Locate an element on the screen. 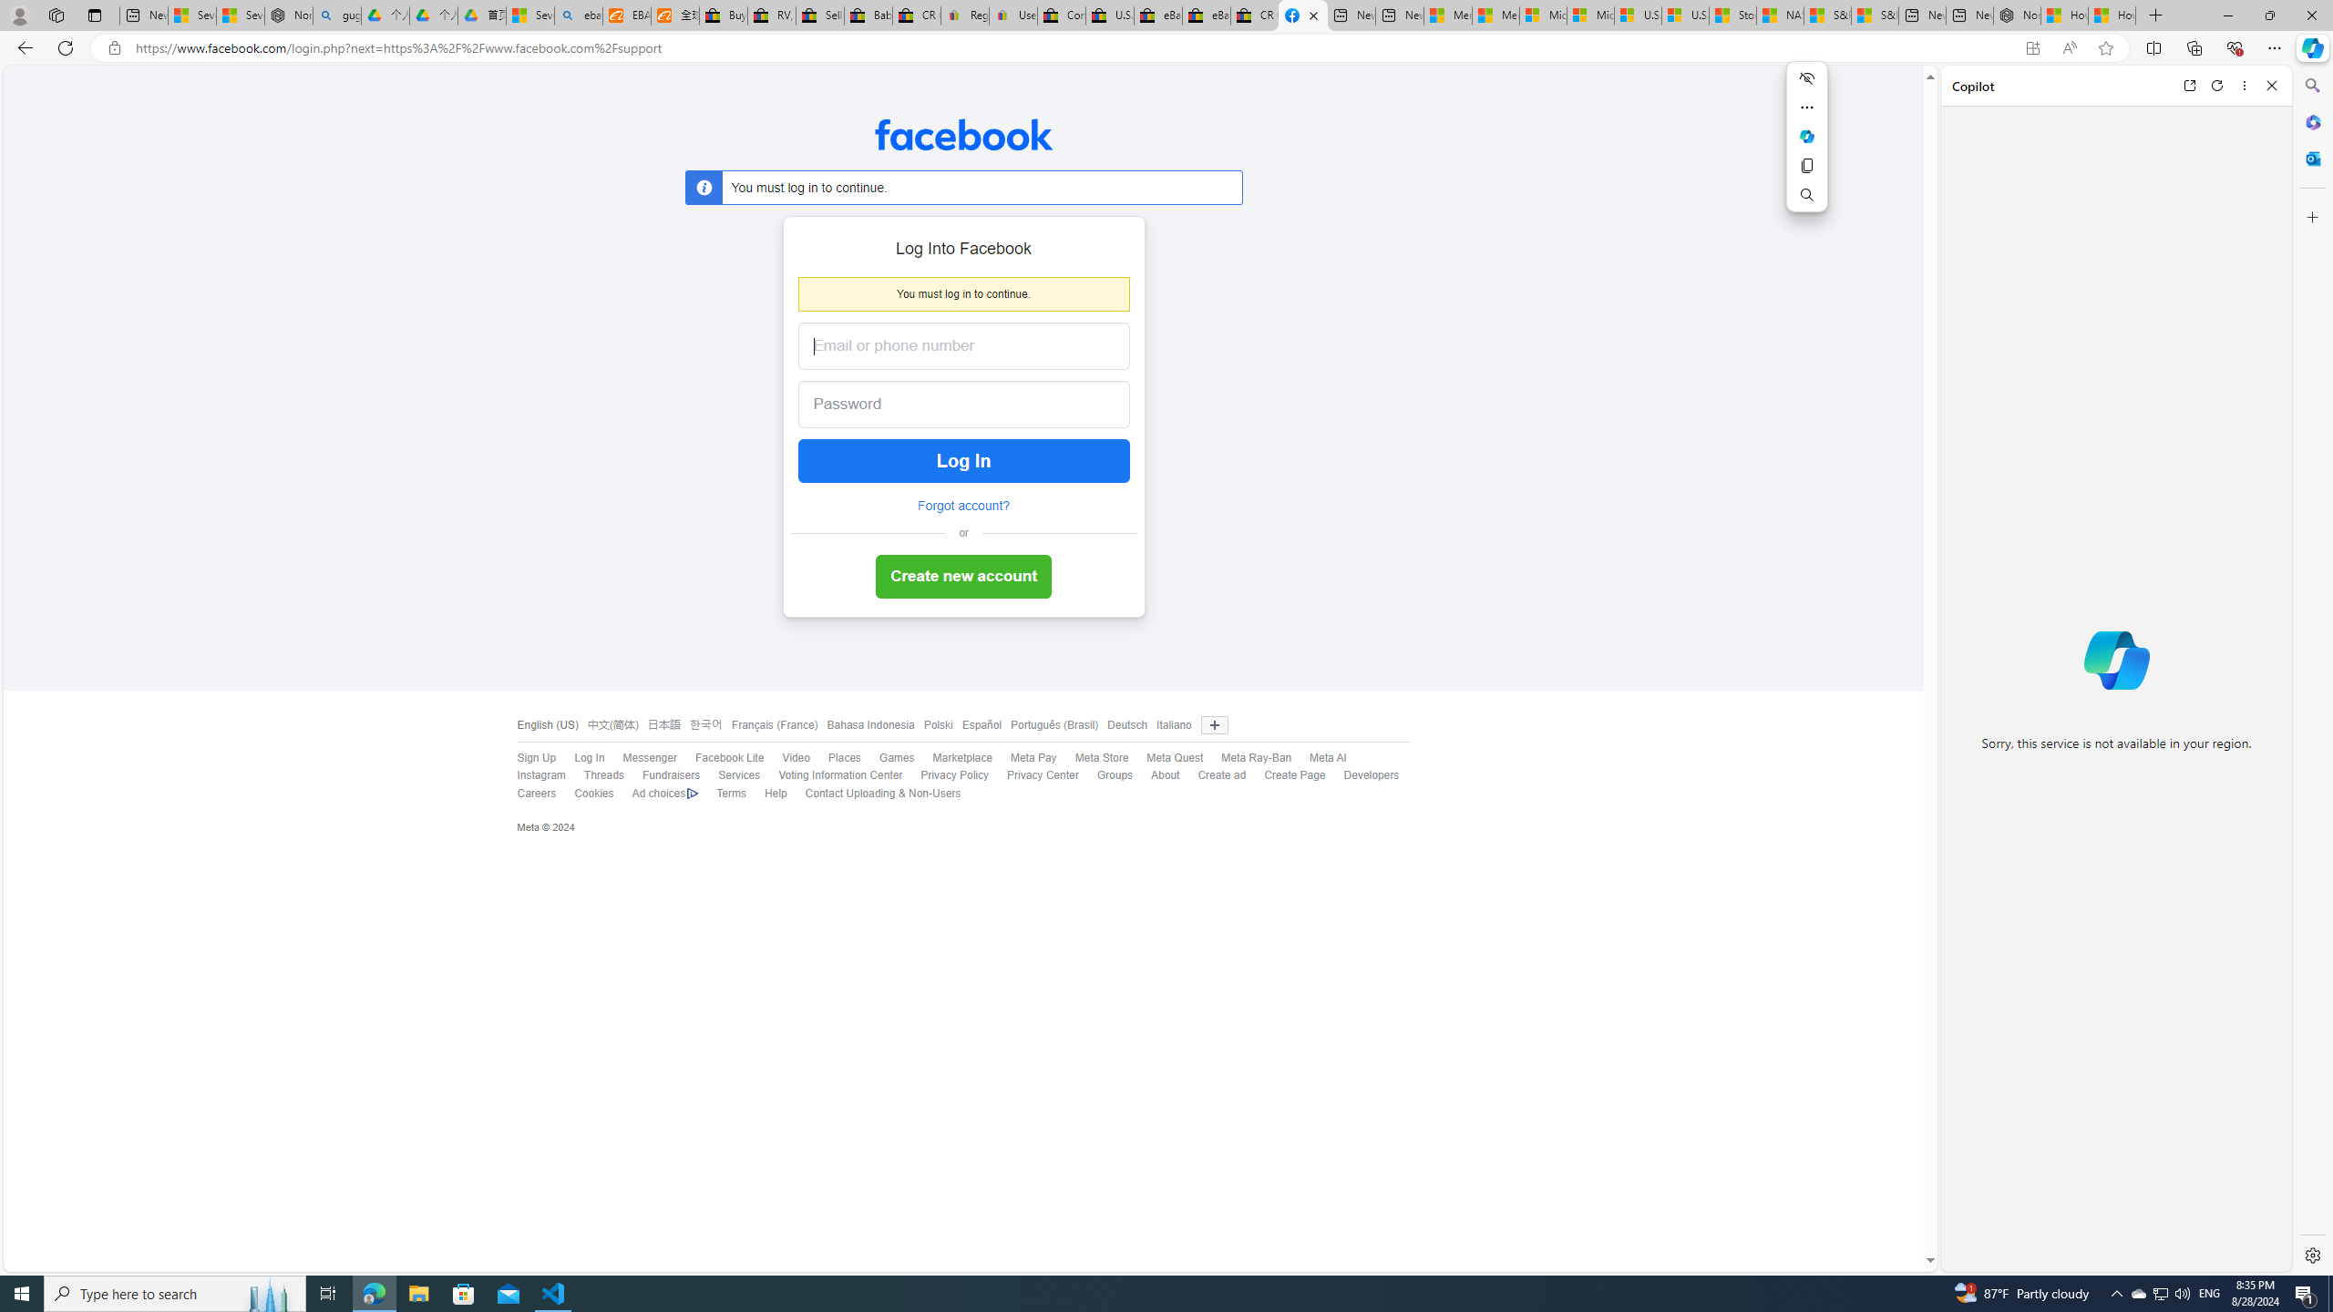 The width and height of the screenshot is (2333, 1312). 'Contact Uploading & Non-Users' is located at coordinates (872, 793).